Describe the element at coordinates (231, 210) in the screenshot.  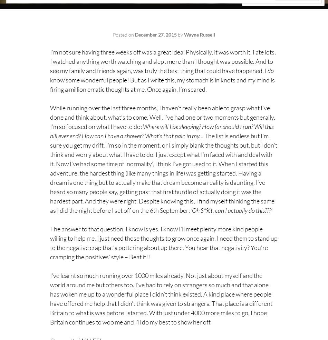
I see `'‘Oh S*%t, can I actually do this???’'` at that location.